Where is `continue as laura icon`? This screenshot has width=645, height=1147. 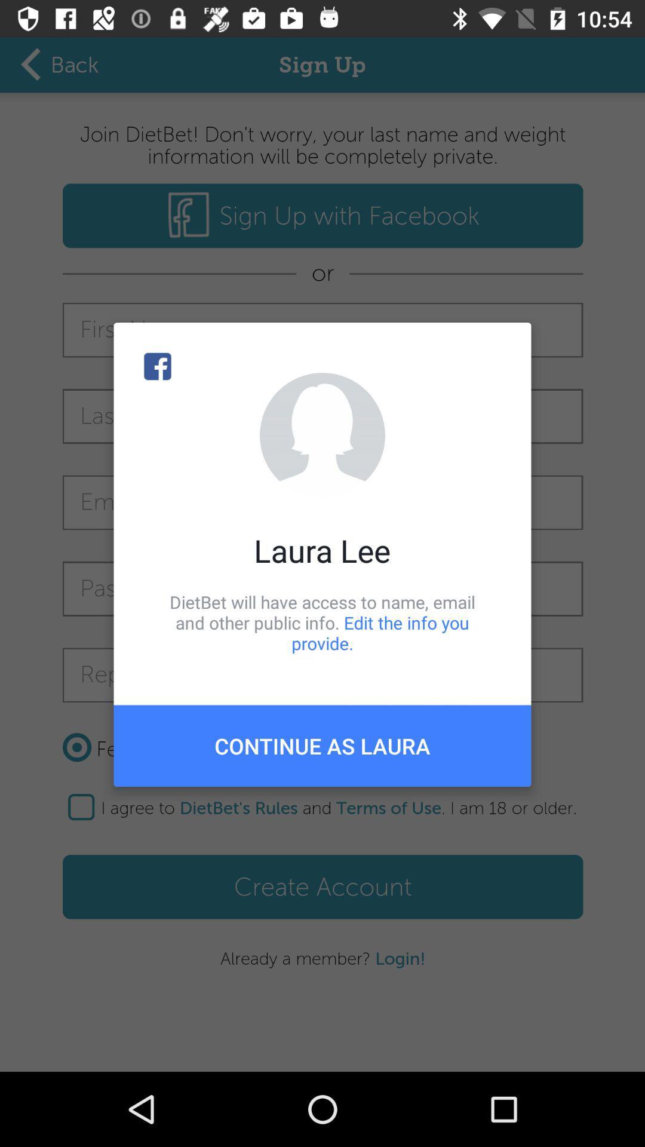
continue as laura icon is located at coordinates (322, 745).